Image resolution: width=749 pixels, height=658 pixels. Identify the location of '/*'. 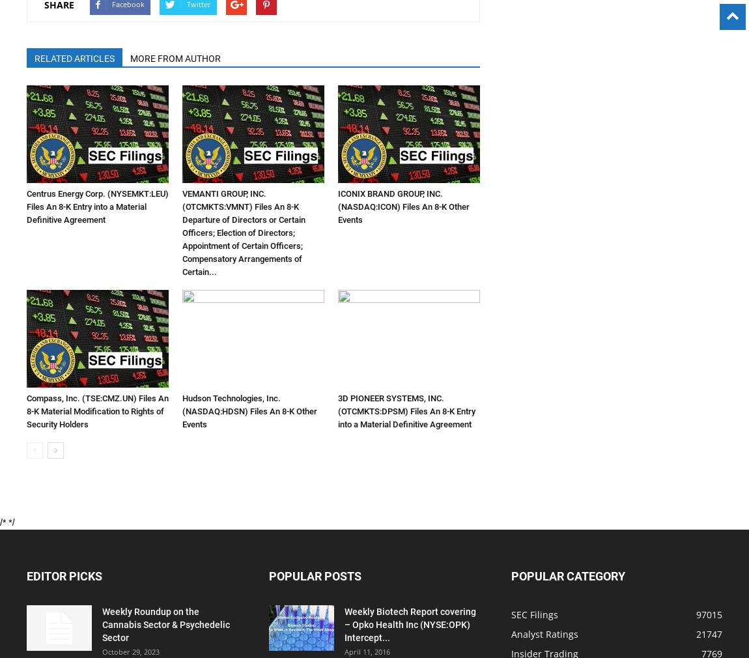
(3, 522).